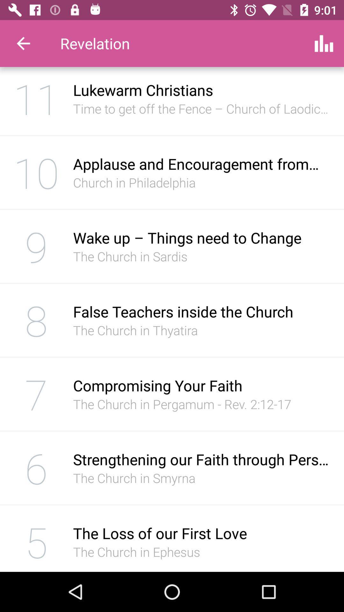 The width and height of the screenshot is (344, 612). I want to click on item at the top right corner, so click(324, 43).